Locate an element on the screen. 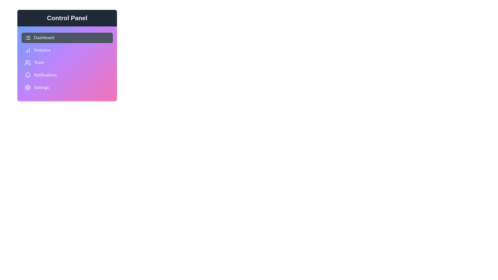  on the 'Settings' text label, which is the fourth item in the vertical menu list and located is located at coordinates (41, 87).